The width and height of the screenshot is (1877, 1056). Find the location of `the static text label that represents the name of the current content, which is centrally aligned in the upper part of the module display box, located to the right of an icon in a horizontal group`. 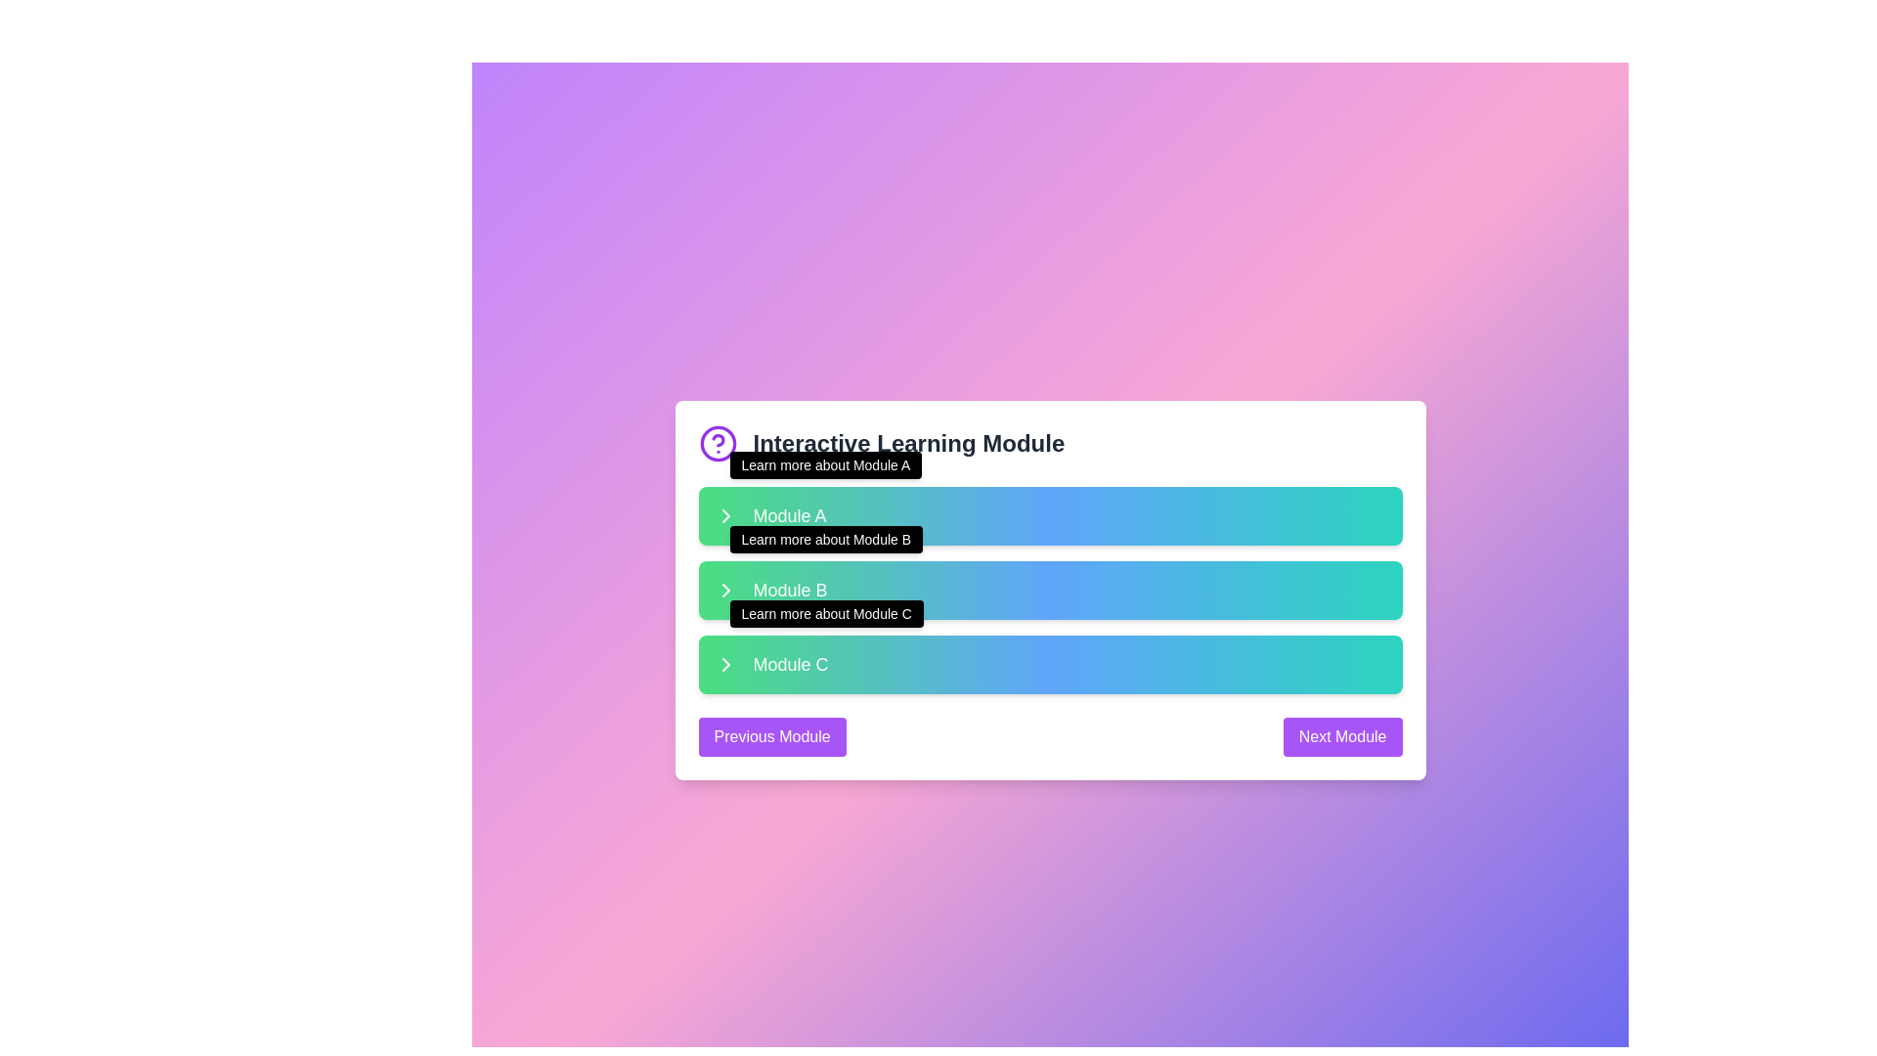

the static text label that represents the name of the current content, which is centrally aligned in the upper part of the module display box, located to the right of an icon in a horizontal group is located at coordinates (907, 444).